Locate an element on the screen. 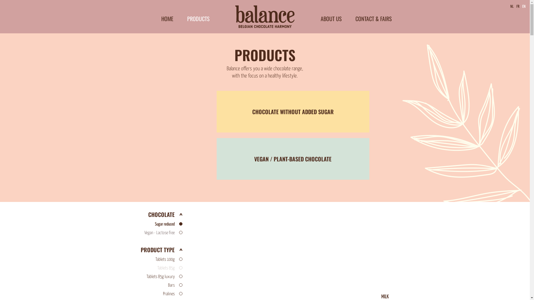 The width and height of the screenshot is (534, 300). 'HOME' is located at coordinates (167, 18).